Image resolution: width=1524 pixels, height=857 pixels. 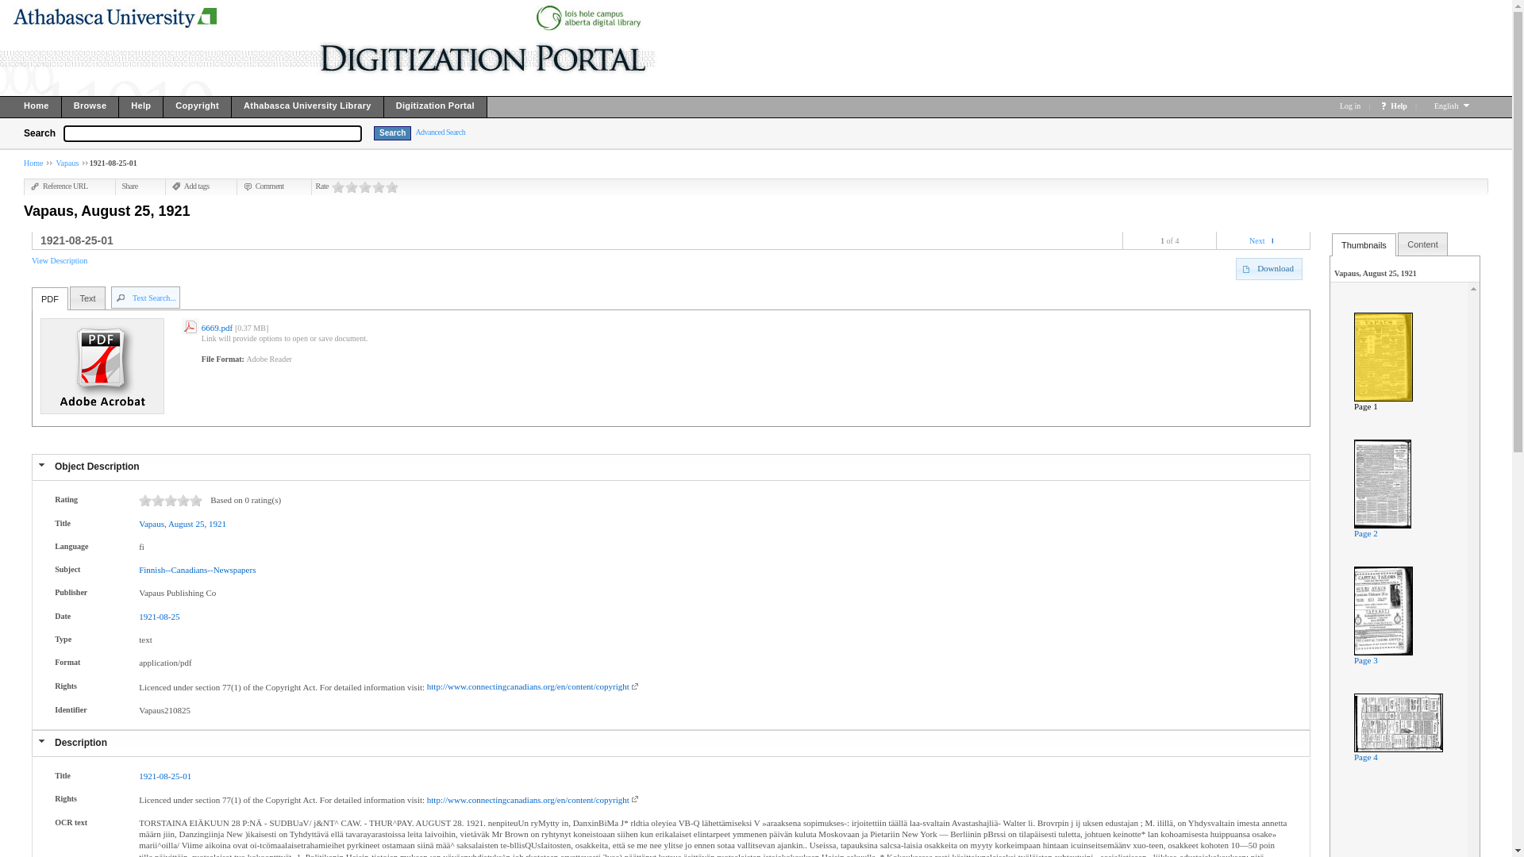 What do you see at coordinates (90, 108) in the screenshot?
I see `'Browse'` at bounding box center [90, 108].